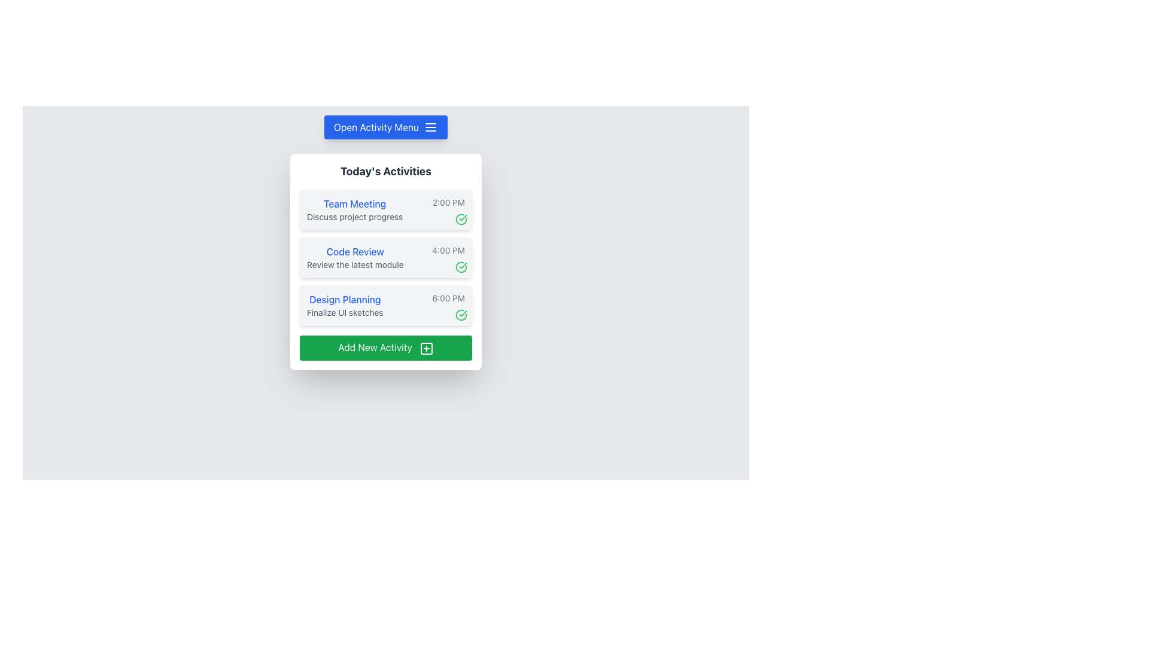 The image size is (1149, 646). What do you see at coordinates (431, 127) in the screenshot?
I see `the menu icon consisting of three horizontally aligned lines` at bounding box center [431, 127].